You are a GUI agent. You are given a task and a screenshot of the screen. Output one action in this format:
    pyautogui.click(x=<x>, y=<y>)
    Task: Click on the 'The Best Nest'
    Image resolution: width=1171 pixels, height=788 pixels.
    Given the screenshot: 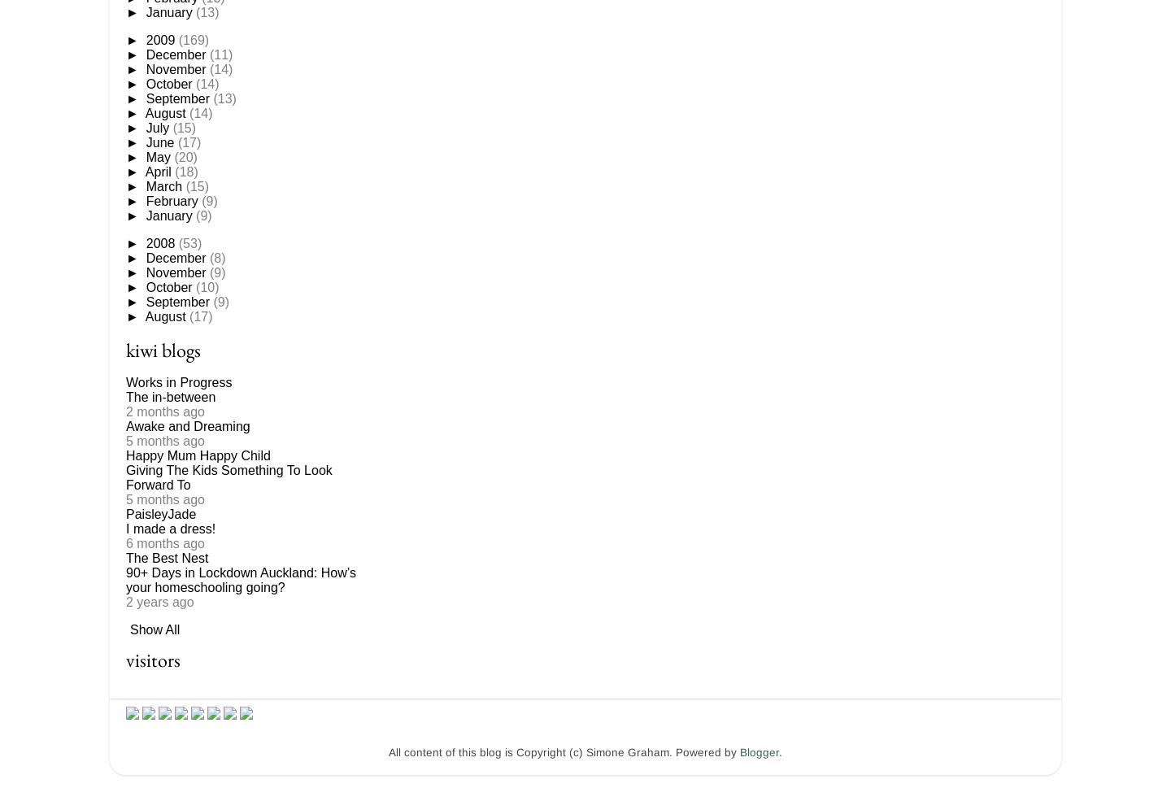 What is the action you would take?
    pyautogui.click(x=124, y=557)
    